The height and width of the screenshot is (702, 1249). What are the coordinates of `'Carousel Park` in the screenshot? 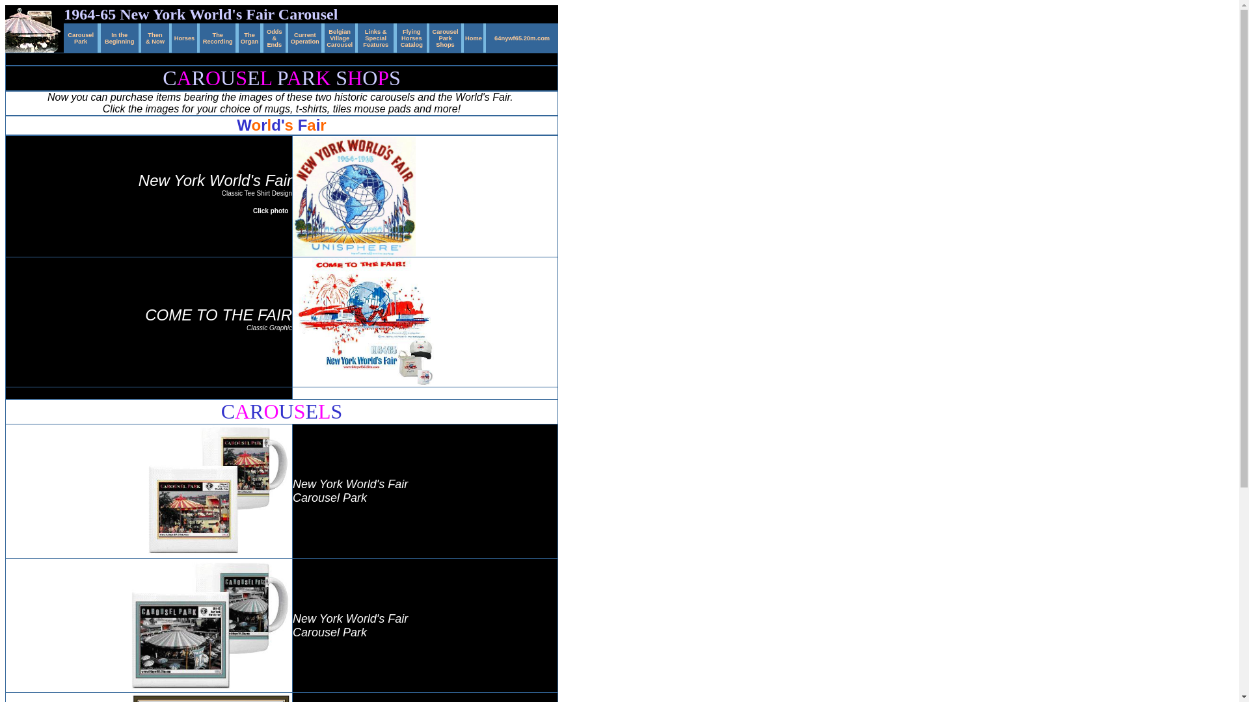 It's located at (446, 36).